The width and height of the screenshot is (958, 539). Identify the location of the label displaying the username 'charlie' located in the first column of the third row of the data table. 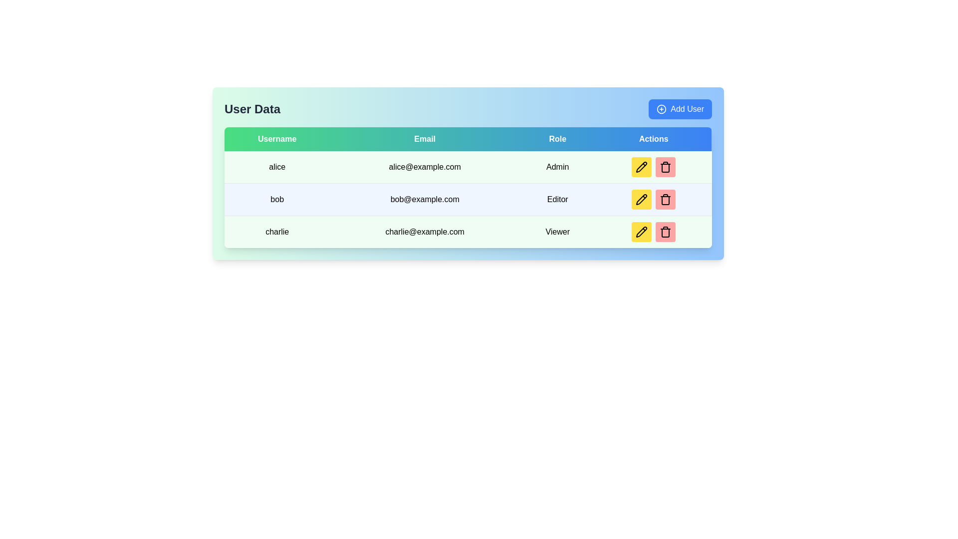
(277, 232).